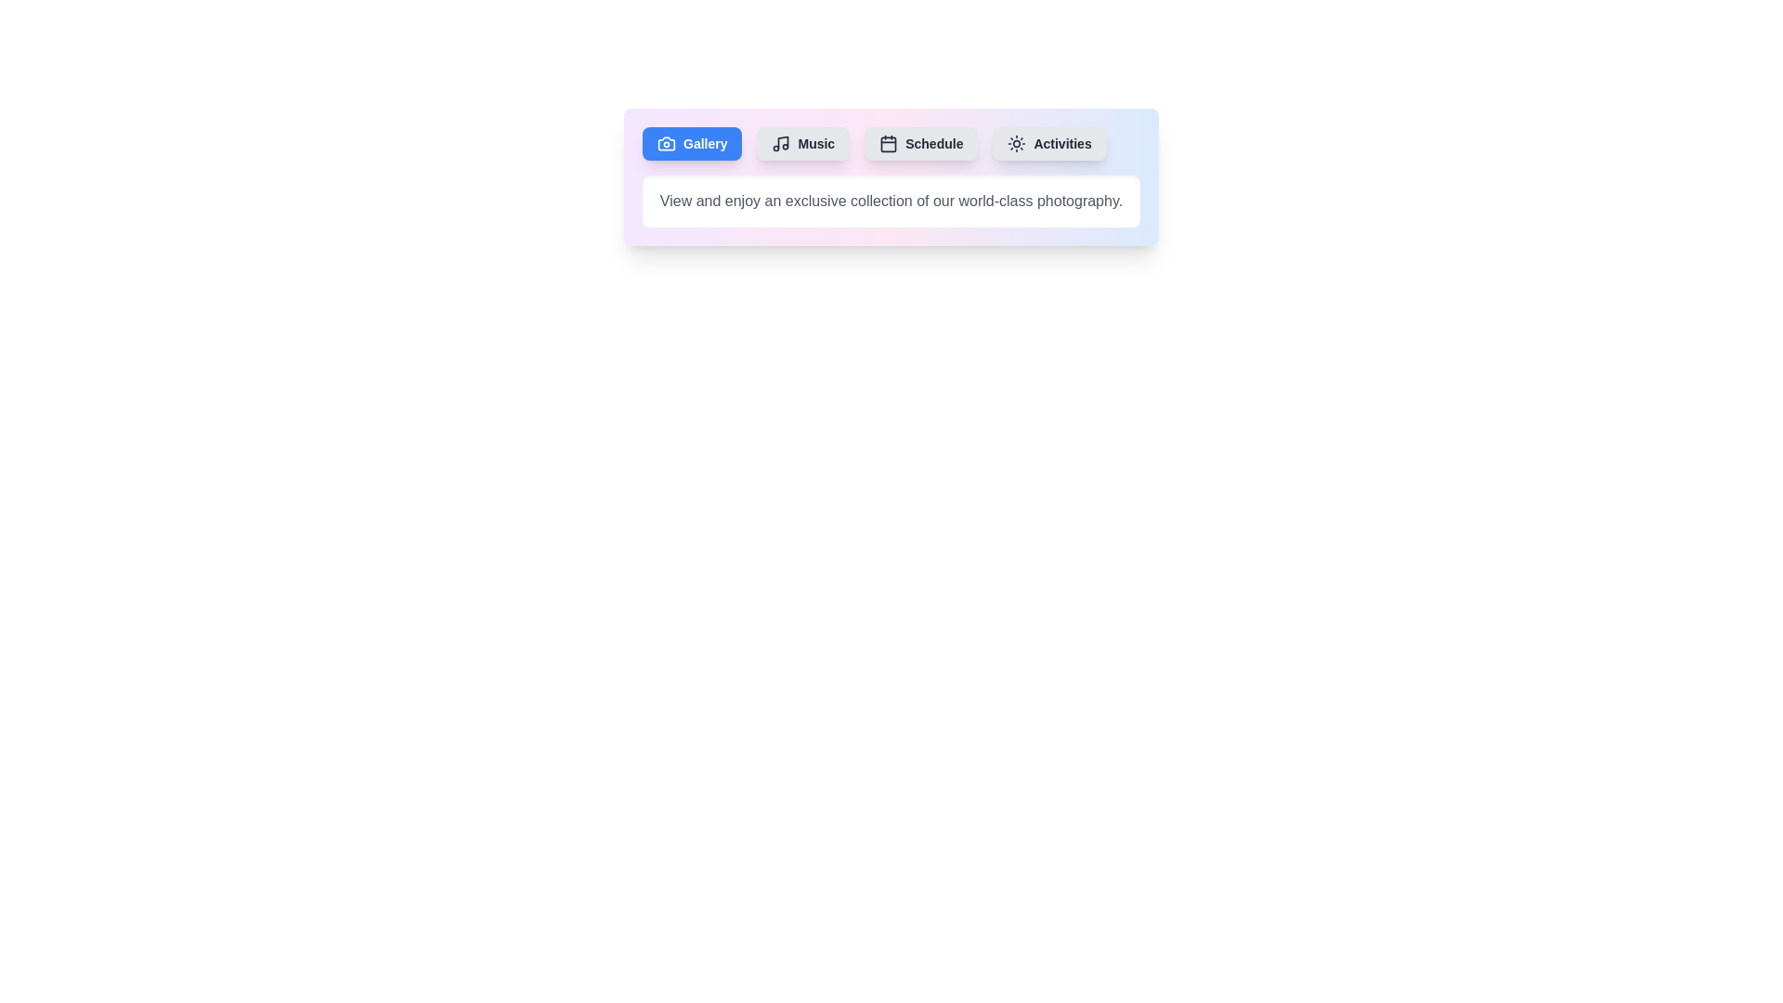 The width and height of the screenshot is (1783, 1003). What do you see at coordinates (803, 142) in the screenshot?
I see `the tab button labeled Music to observe its hover effect` at bounding box center [803, 142].